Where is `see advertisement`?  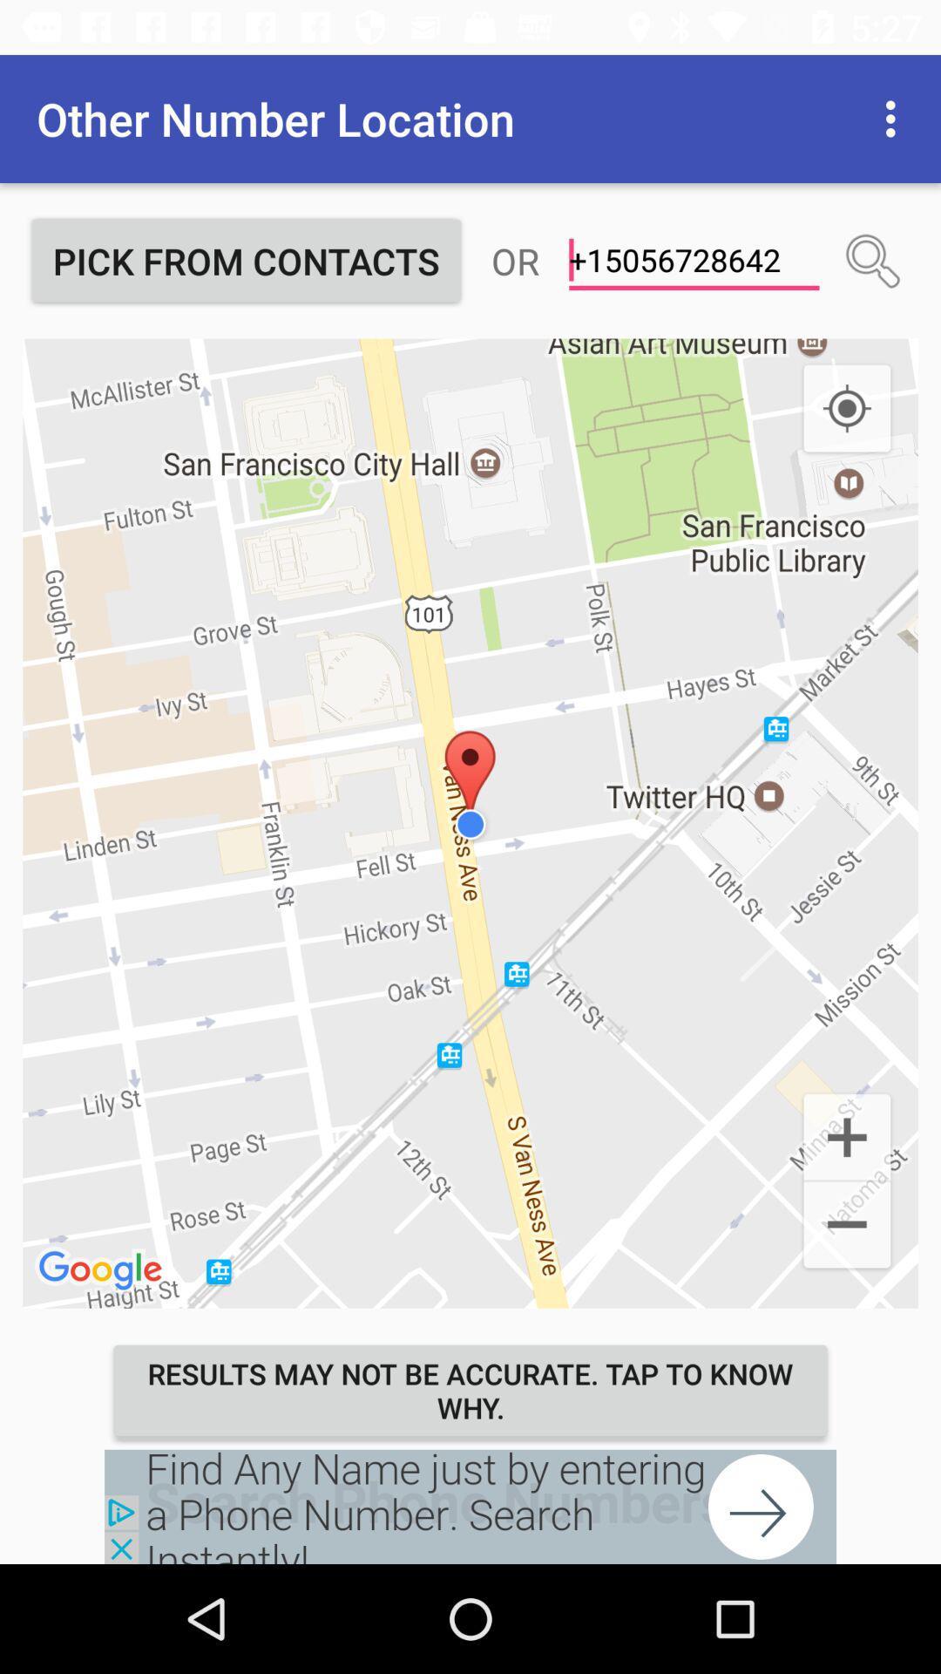
see advertisement is located at coordinates (470, 1506).